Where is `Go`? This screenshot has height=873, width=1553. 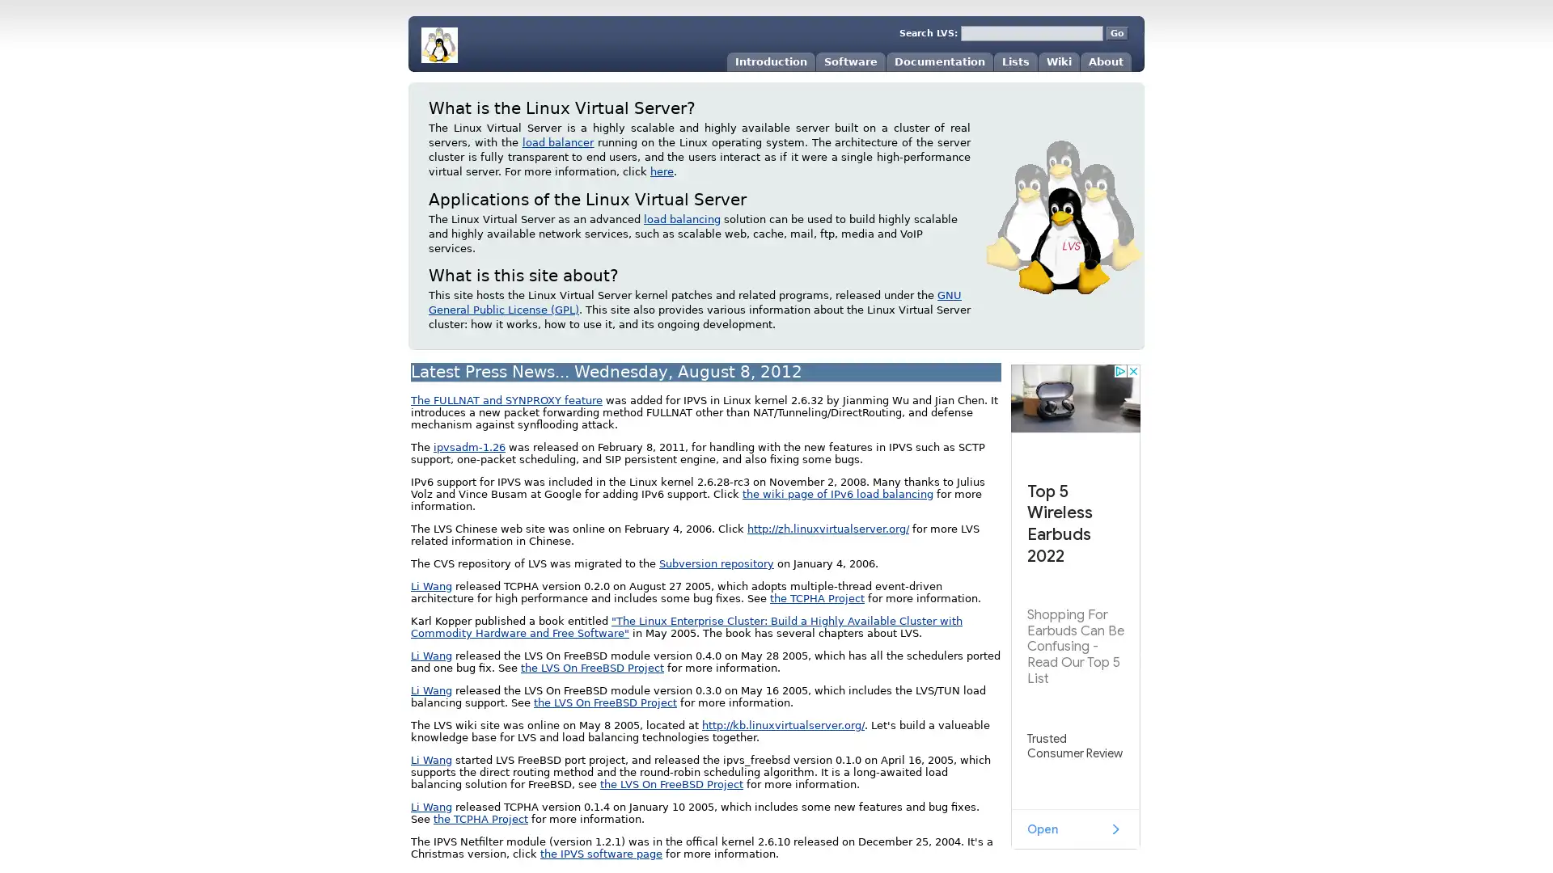
Go is located at coordinates (1116, 33).